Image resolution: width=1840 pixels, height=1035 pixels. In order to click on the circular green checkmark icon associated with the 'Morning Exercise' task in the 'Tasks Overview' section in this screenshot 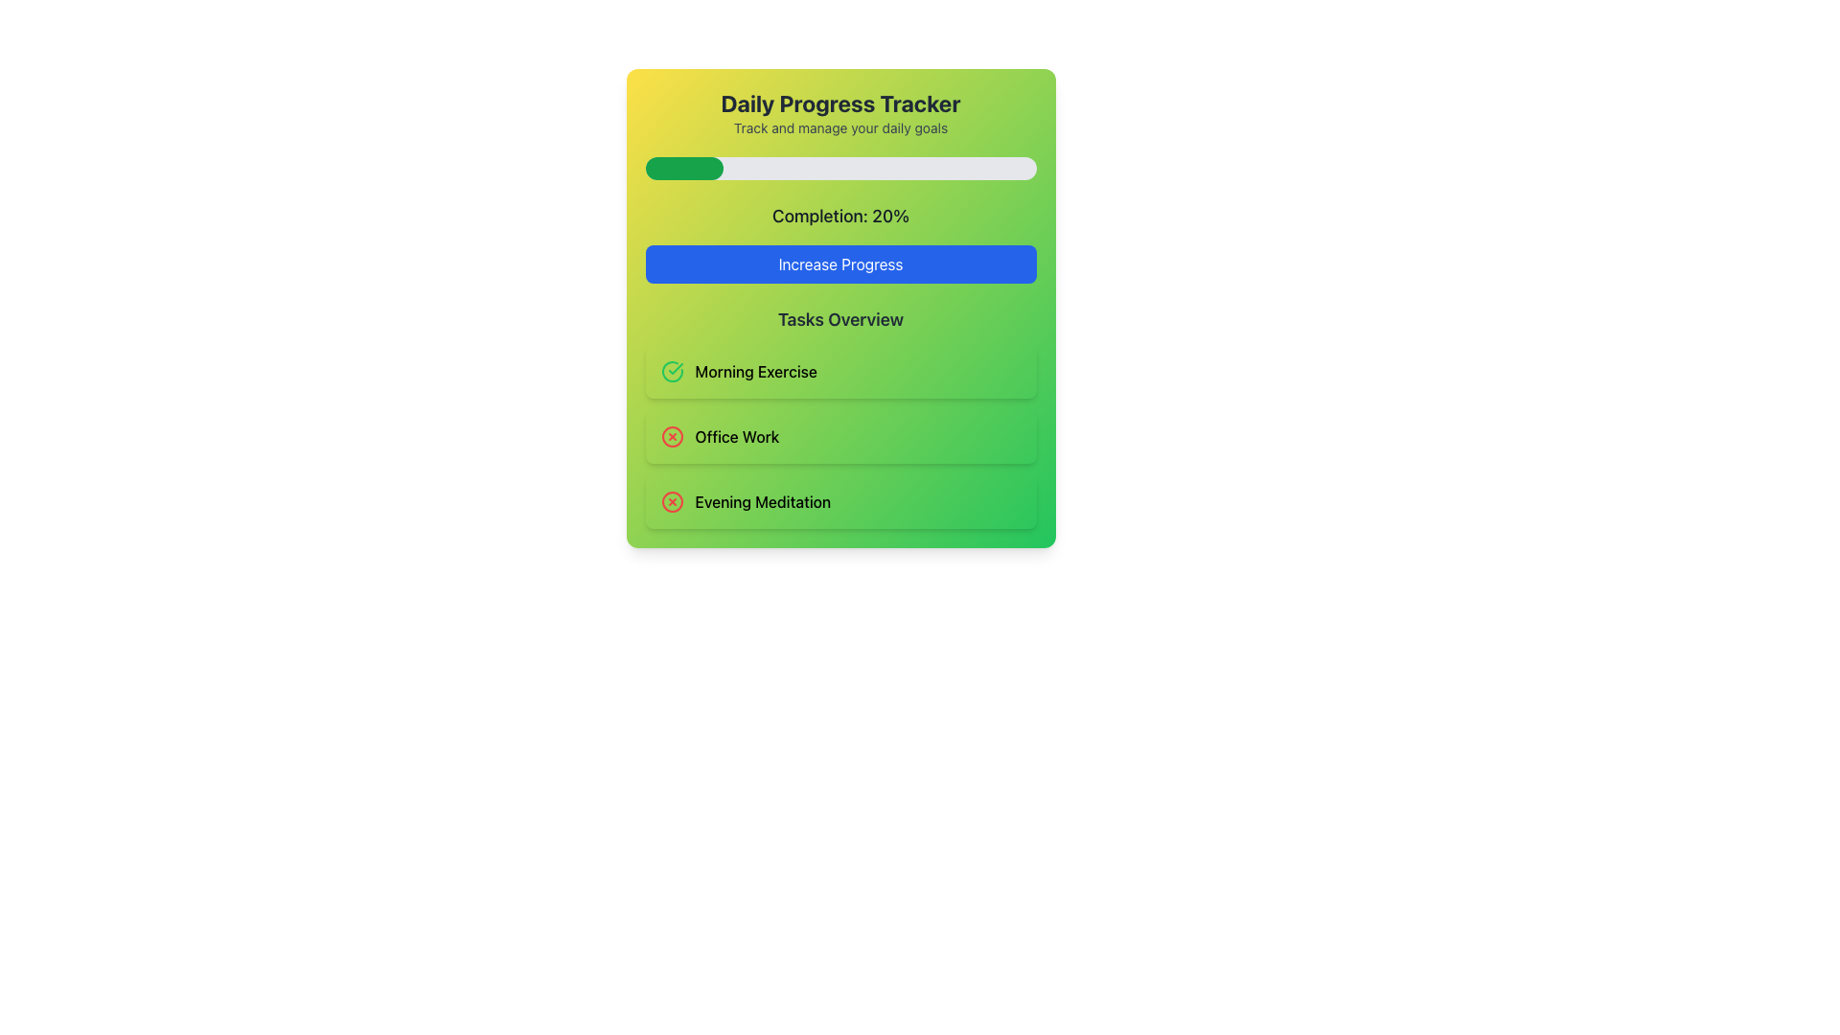, I will do `click(672, 372)`.